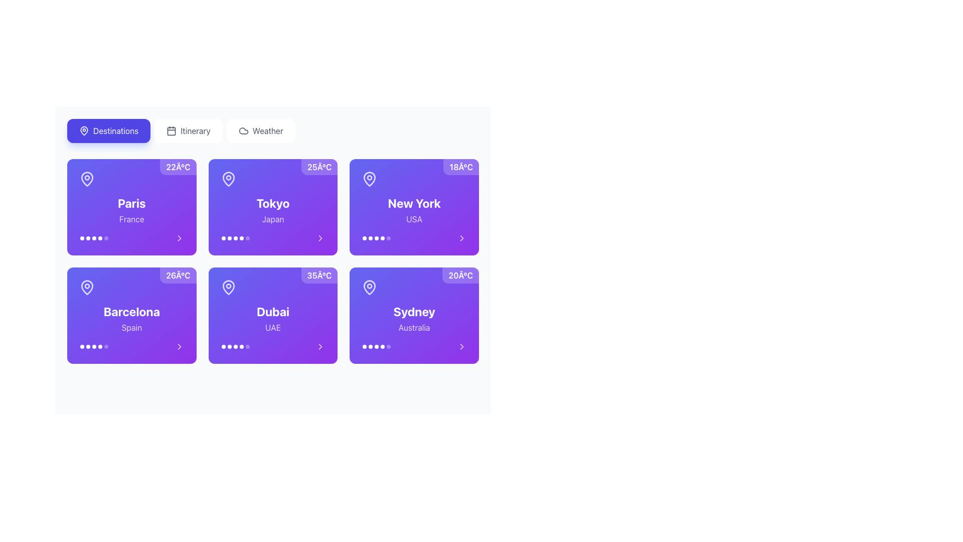 Image resolution: width=963 pixels, height=542 pixels. Describe the element at coordinates (178, 166) in the screenshot. I see `current temperature information displayed on the label located at the top-right corner of the card for the city 'Paris'` at that location.